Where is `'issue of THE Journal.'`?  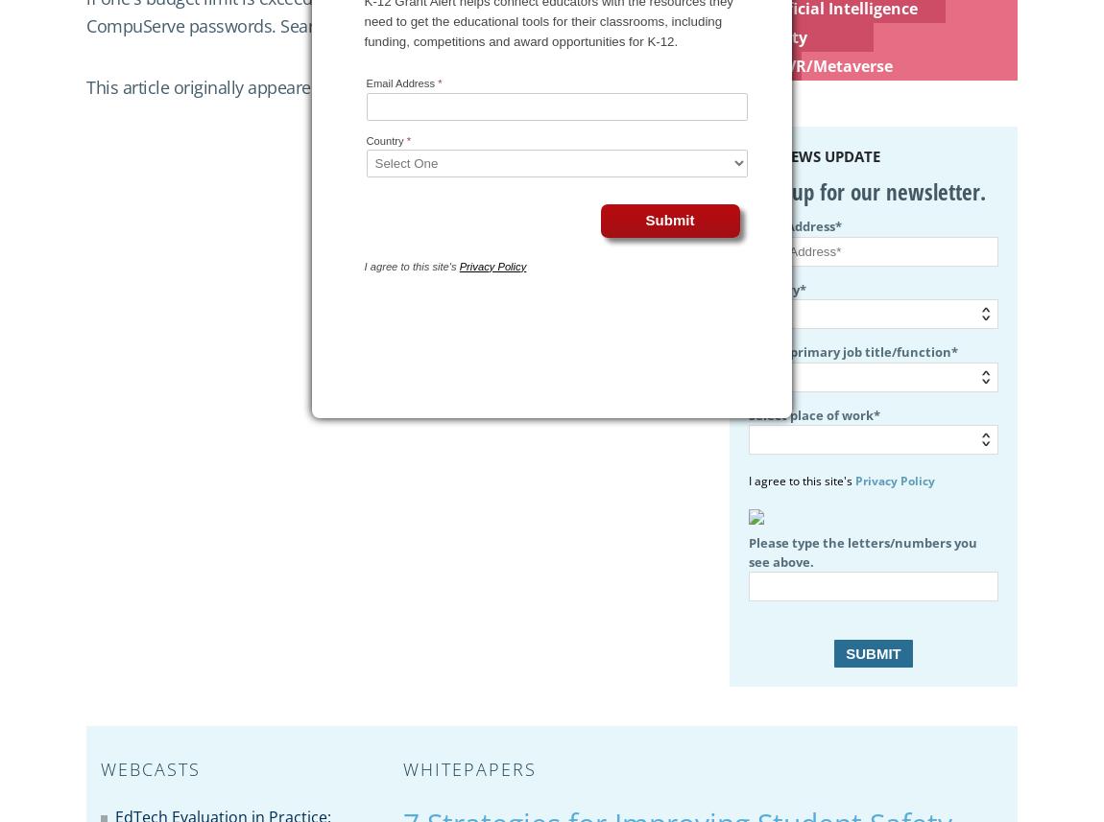
'issue of THE Journal.' is located at coordinates (538, 87).